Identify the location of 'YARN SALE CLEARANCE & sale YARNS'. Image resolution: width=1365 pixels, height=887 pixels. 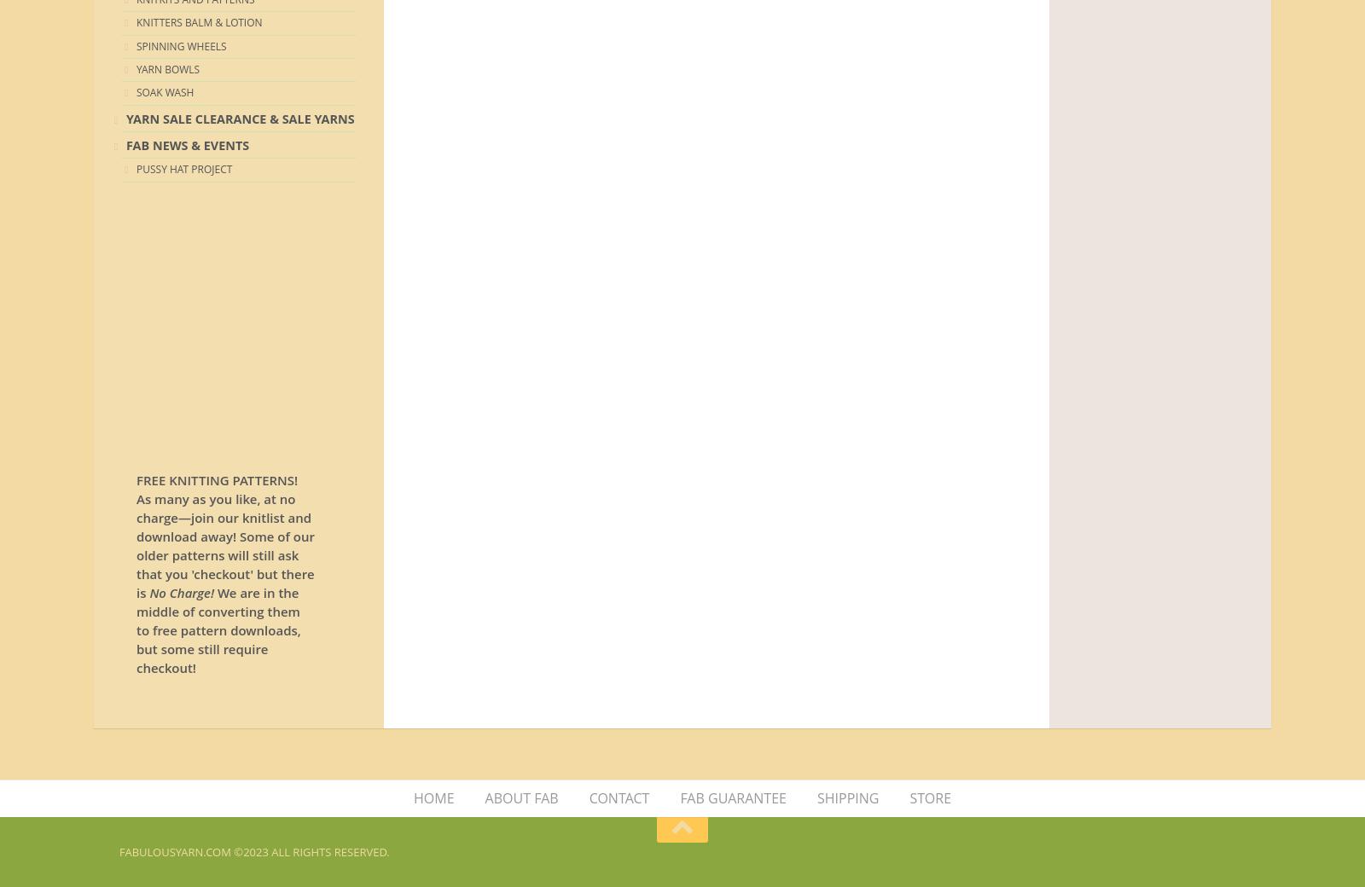
(125, 118).